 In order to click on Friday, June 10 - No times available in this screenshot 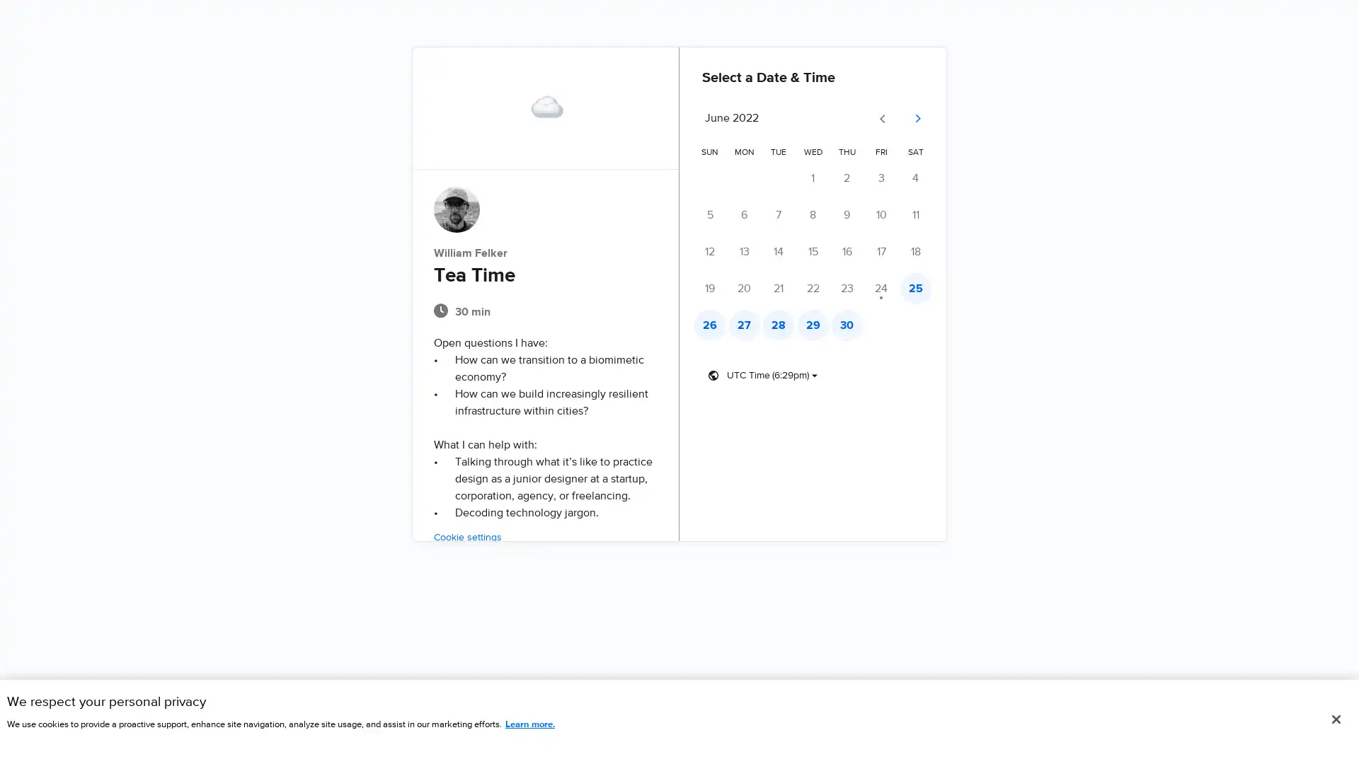, I will do `click(893, 215)`.